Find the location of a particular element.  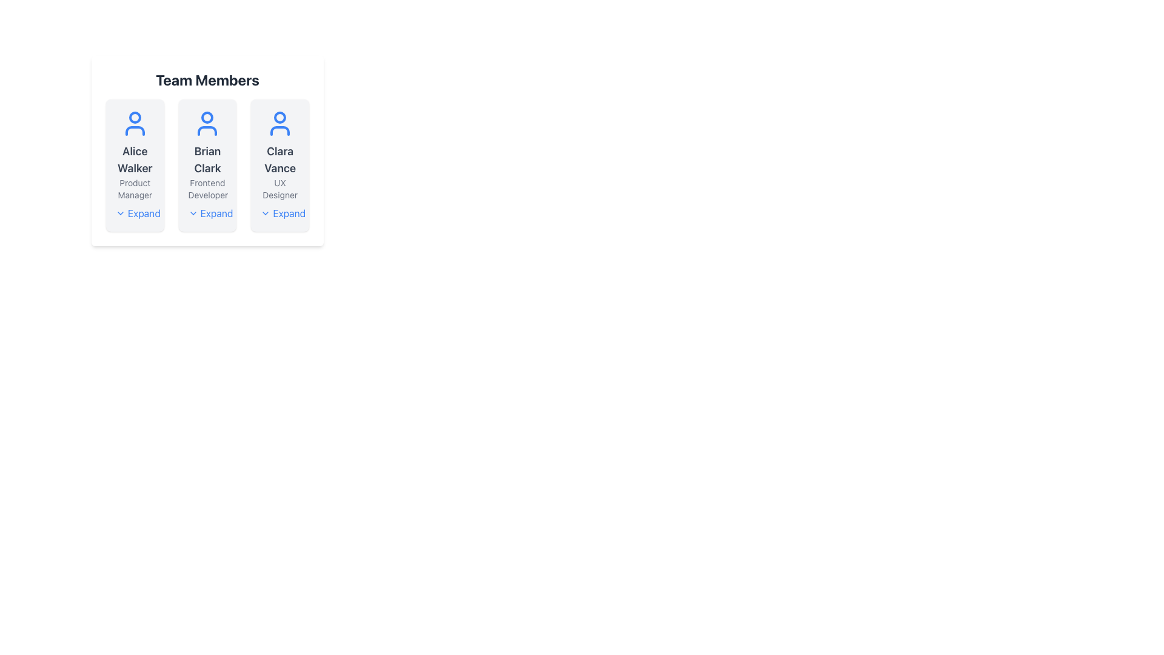

the 'Product Manager' label, which is a smaller gray text element located below 'Alice Walker' and above the 'Expand' link in the middle-left card of the 'Team Members' section is located at coordinates (135, 189).